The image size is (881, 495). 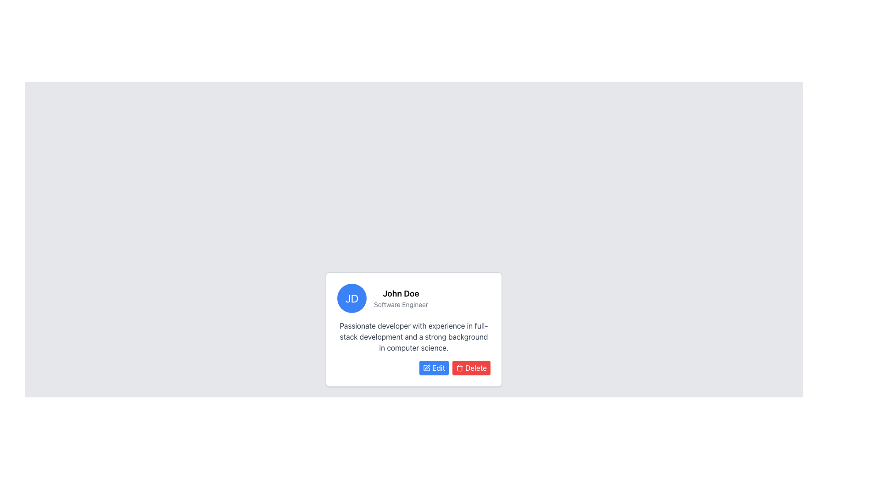 What do you see at coordinates (471, 367) in the screenshot?
I see `the red 'Delete' button with rounded corners located at the bottom-right of the card` at bounding box center [471, 367].